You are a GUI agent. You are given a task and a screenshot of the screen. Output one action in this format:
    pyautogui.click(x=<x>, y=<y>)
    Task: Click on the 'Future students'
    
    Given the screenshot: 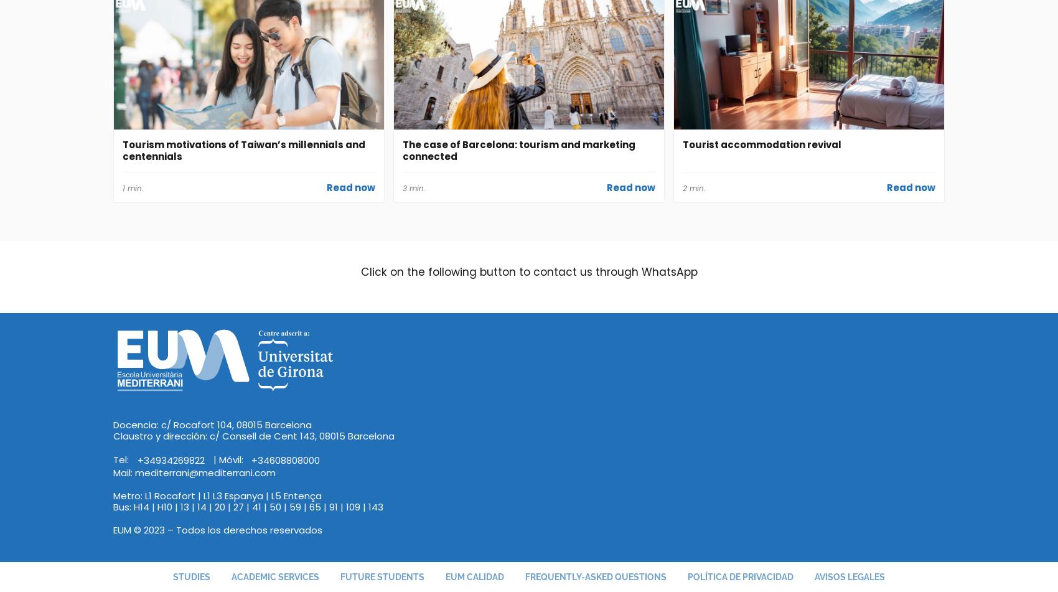 What is the action you would take?
    pyautogui.click(x=340, y=575)
    